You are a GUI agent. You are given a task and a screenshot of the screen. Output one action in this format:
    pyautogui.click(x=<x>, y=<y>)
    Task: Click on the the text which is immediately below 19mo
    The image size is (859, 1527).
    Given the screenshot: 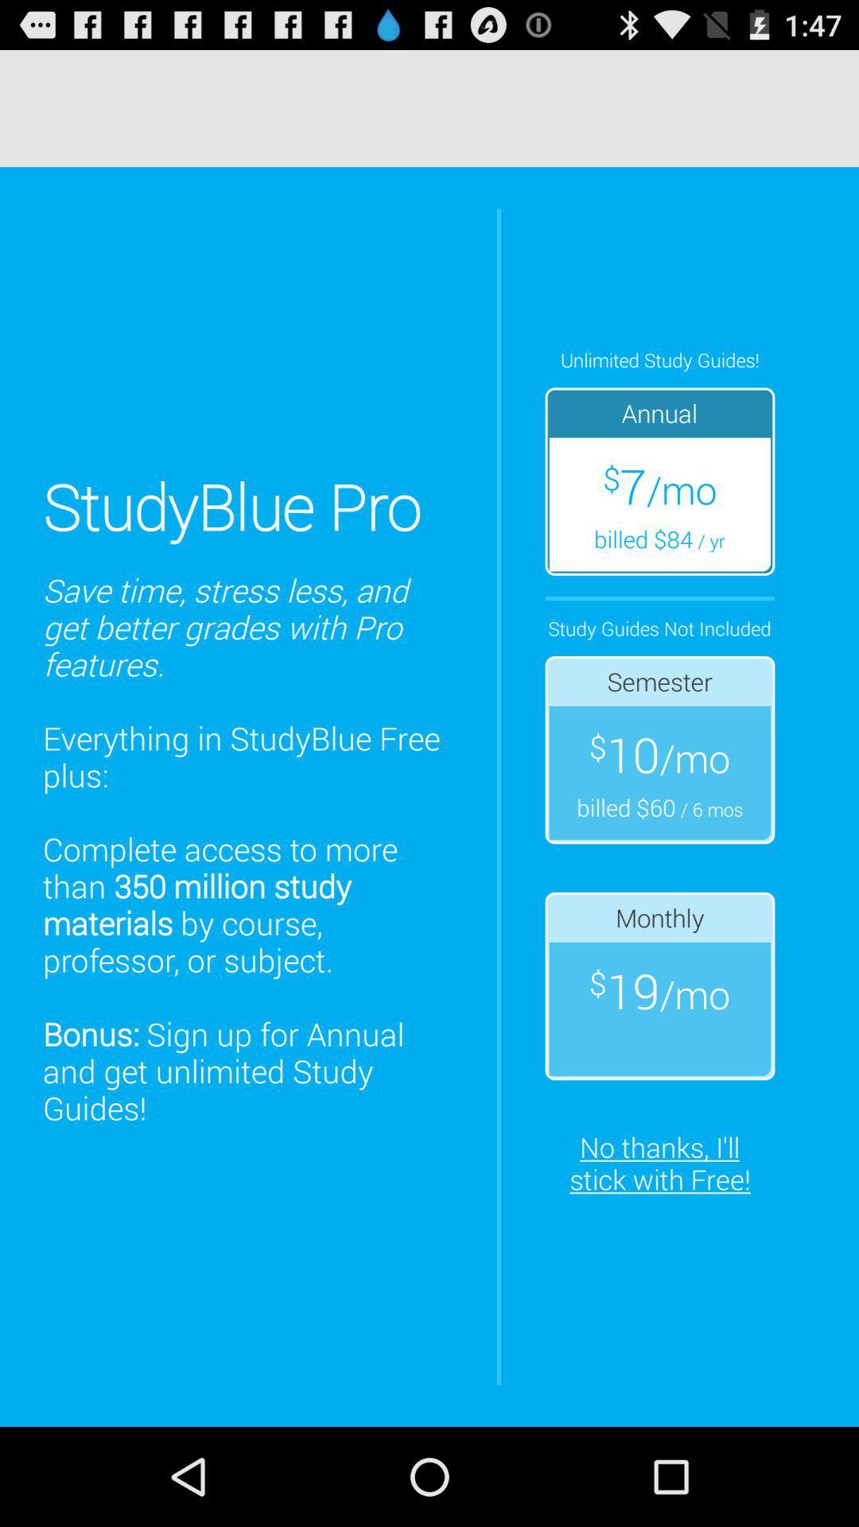 What is the action you would take?
    pyautogui.click(x=659, y=1163)
    